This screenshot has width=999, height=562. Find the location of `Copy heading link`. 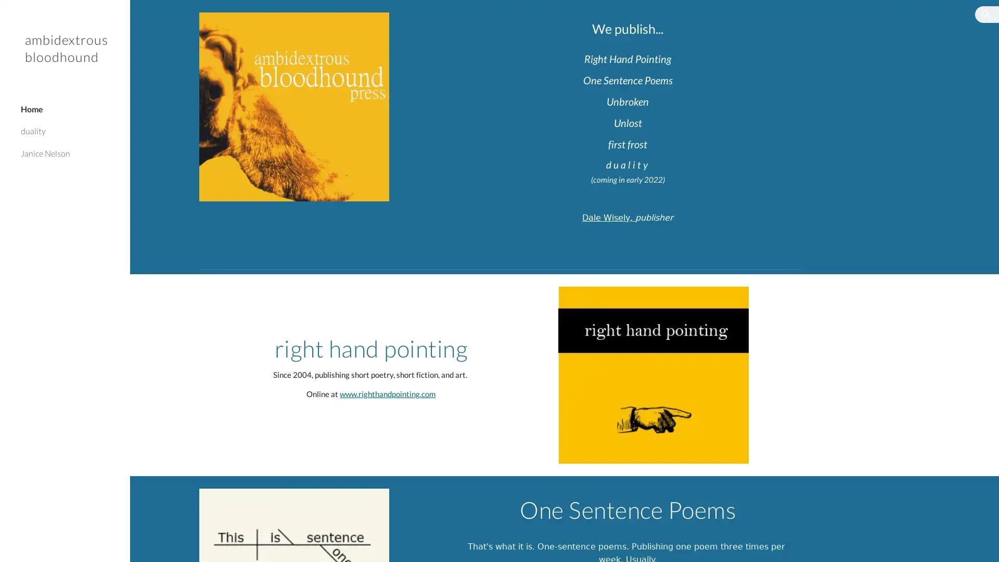

Copy heading link is located at coordinates (748, 58).